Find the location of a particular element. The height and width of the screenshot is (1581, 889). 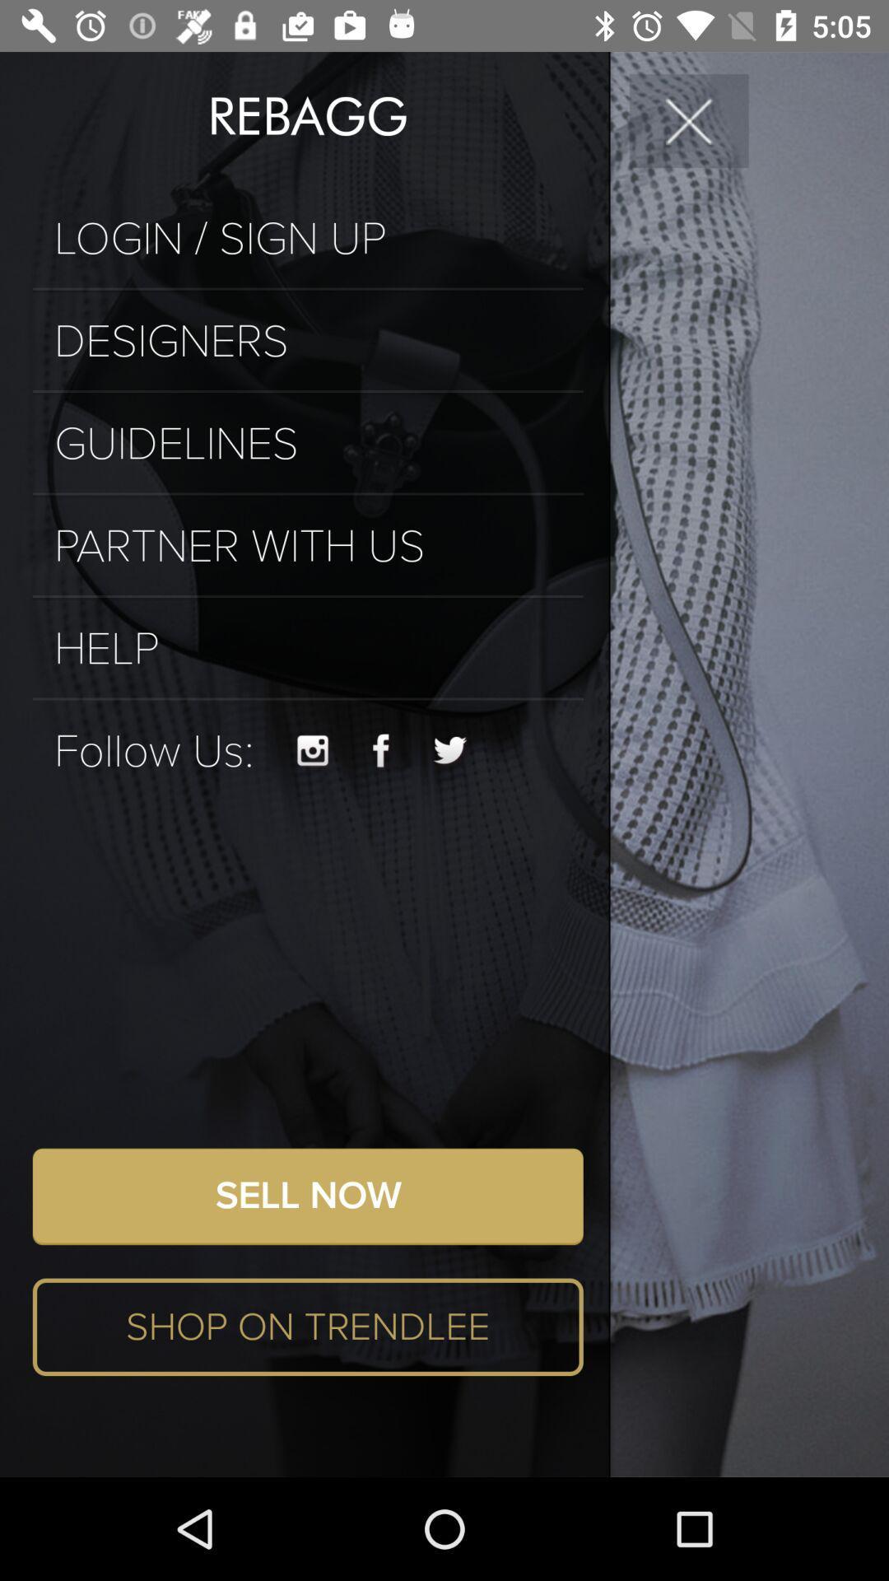

visit instagram account is located at coordinates (313, 750).